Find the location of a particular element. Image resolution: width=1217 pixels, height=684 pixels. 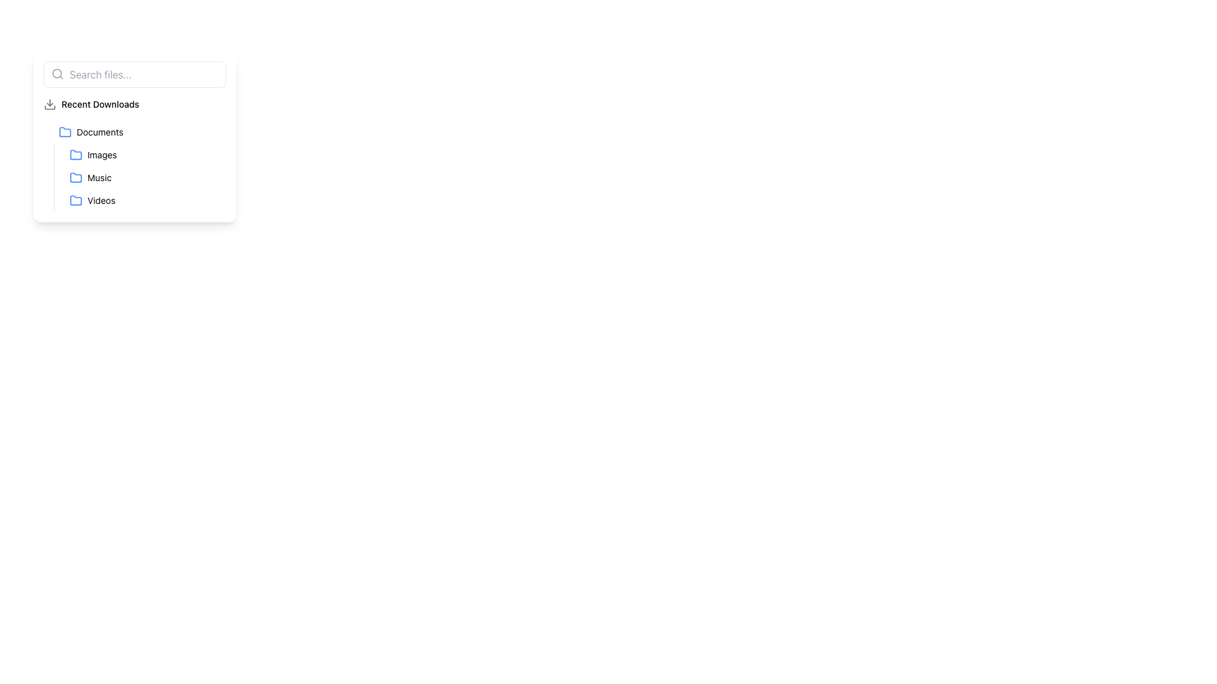

the inner circular component of the magnifying glass icon, which is part of the 'Search files' input field, to trigger a visual response is located at coordinates (56, 73).